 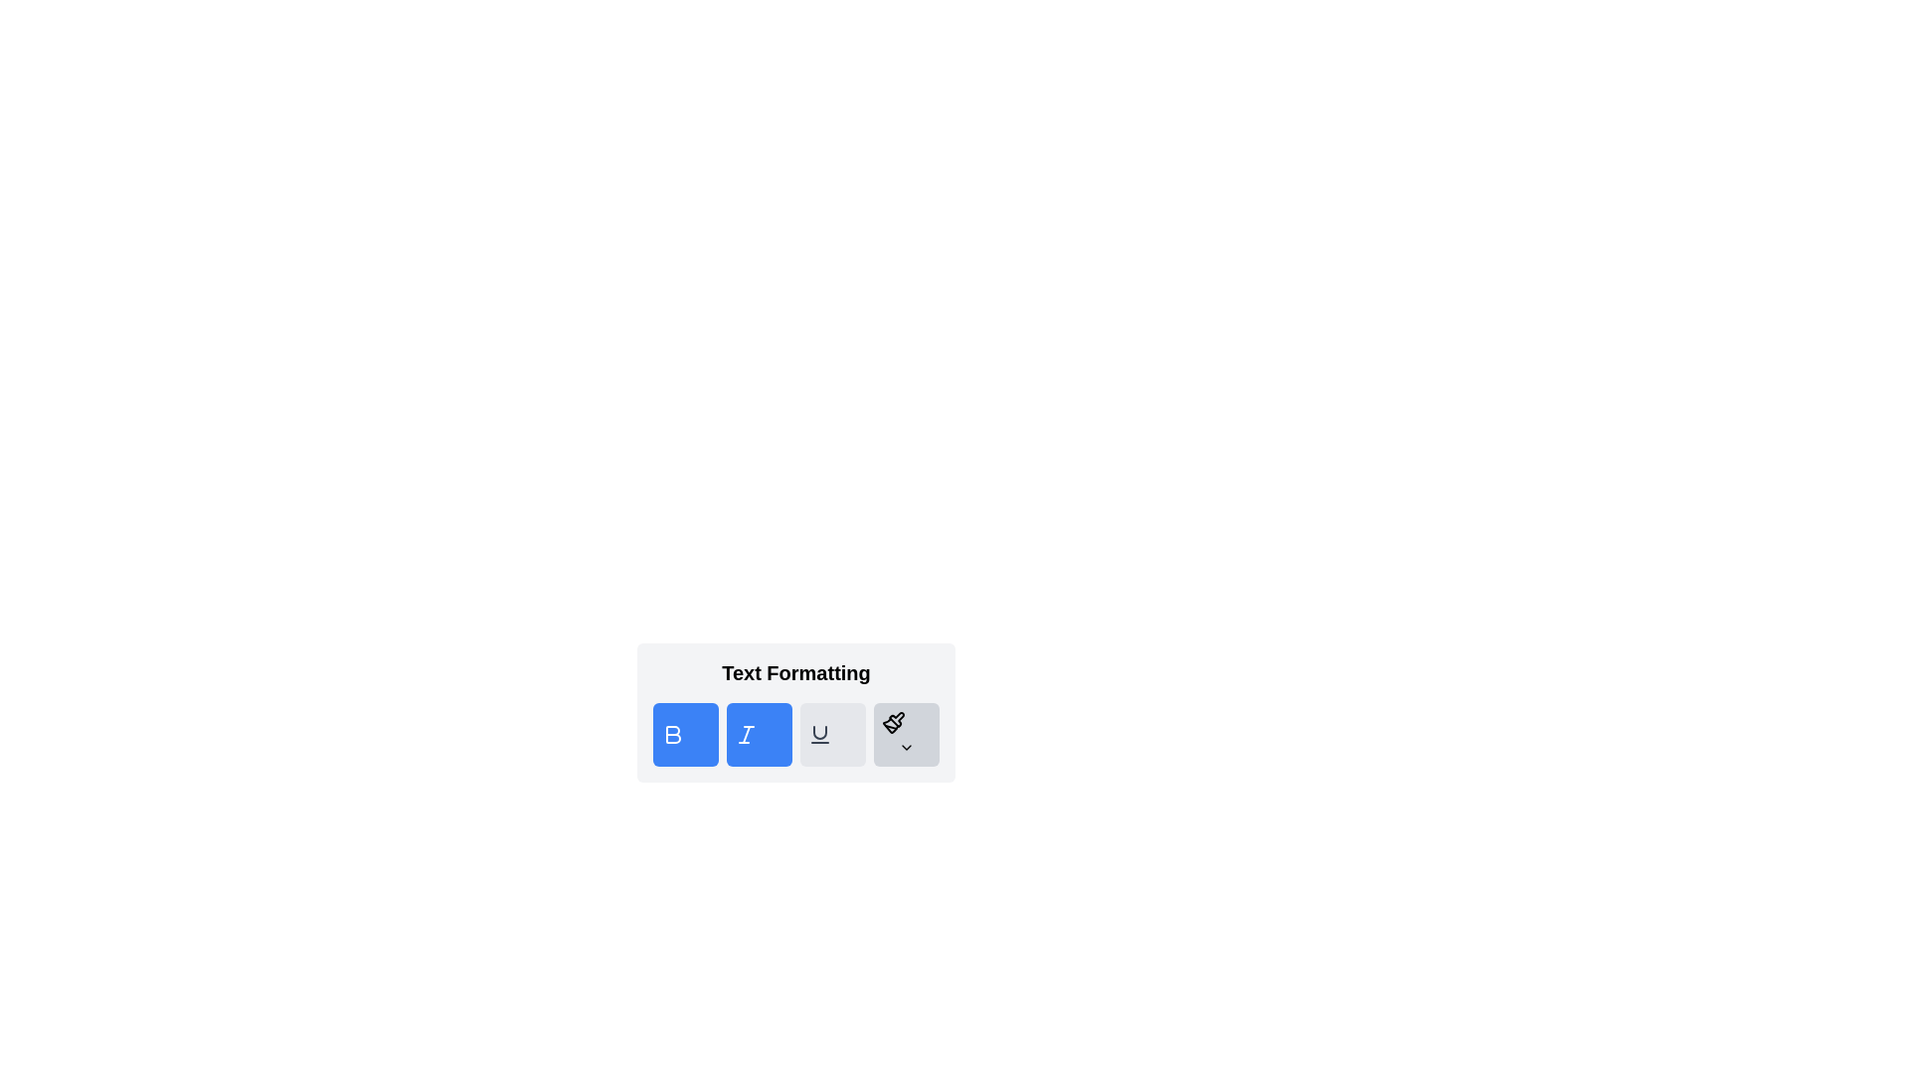 What do you see at coordinates (906, 735) in the screenshot?
I see `the Dropdown button, which is the fourth button from the left in a grid of four buttons` at bounding box center [906, 735].